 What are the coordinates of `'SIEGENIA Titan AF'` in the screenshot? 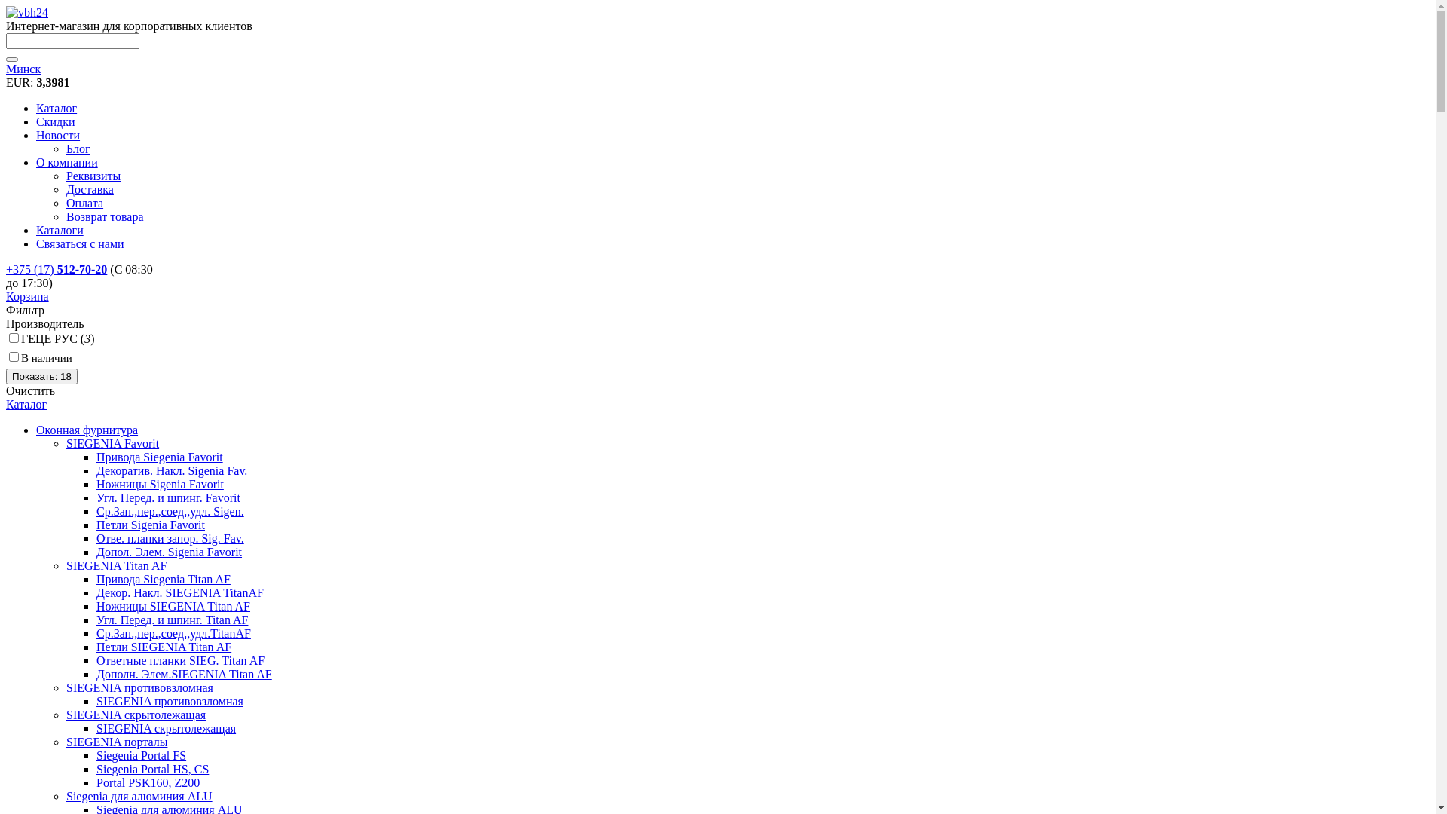 It's located at (115, 565).